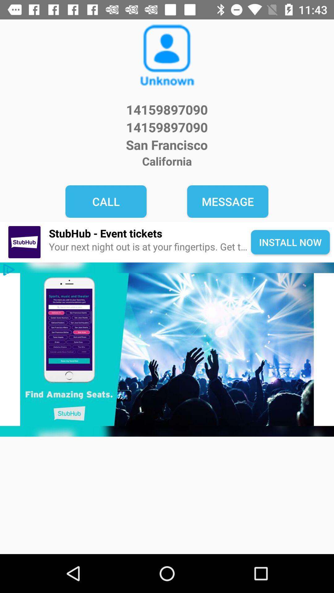 The width and height of the screenshot is (334, 593). I want to click on install now icon, so click(290, 242).